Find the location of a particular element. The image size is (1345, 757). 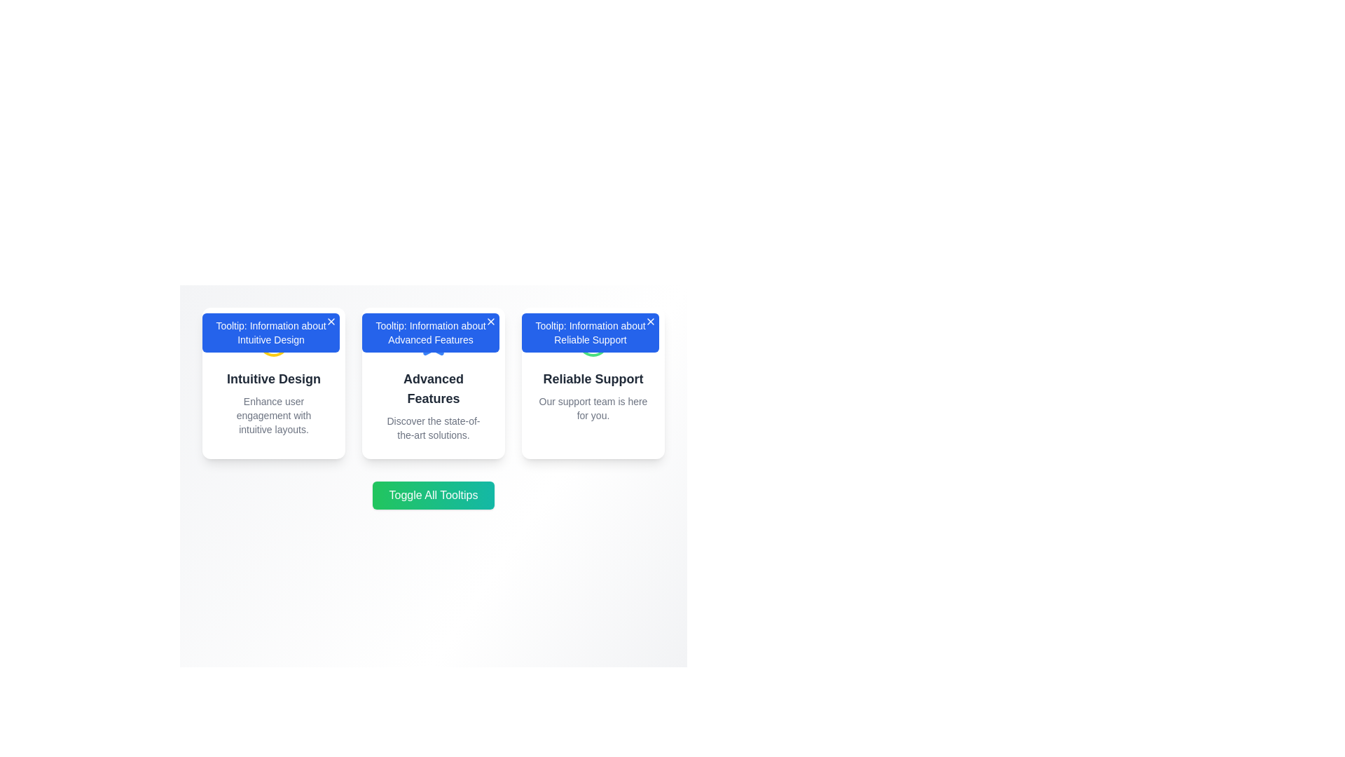

the Tooltip with text 'Tooltip: Information about Intuitive Design' which has a close button 'X' at the top-right corner is located at coordinates (271, 332).